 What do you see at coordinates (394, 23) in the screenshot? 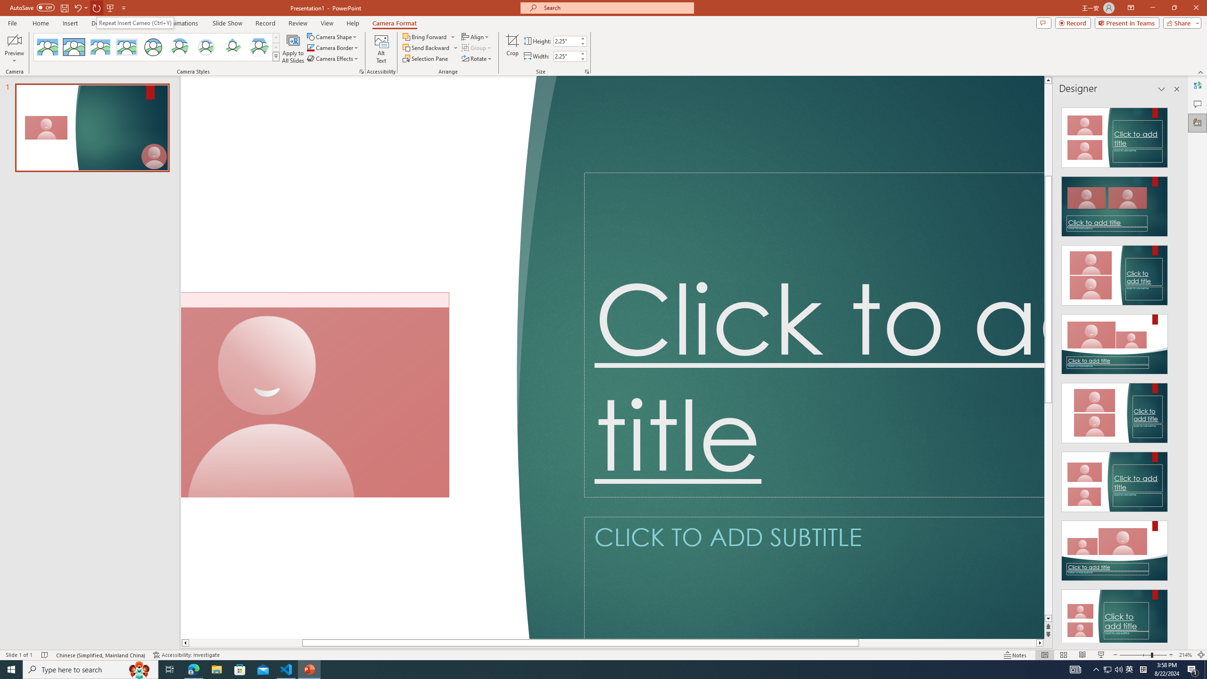
I see `'Camera Format'` at bounding box center [394, 23].